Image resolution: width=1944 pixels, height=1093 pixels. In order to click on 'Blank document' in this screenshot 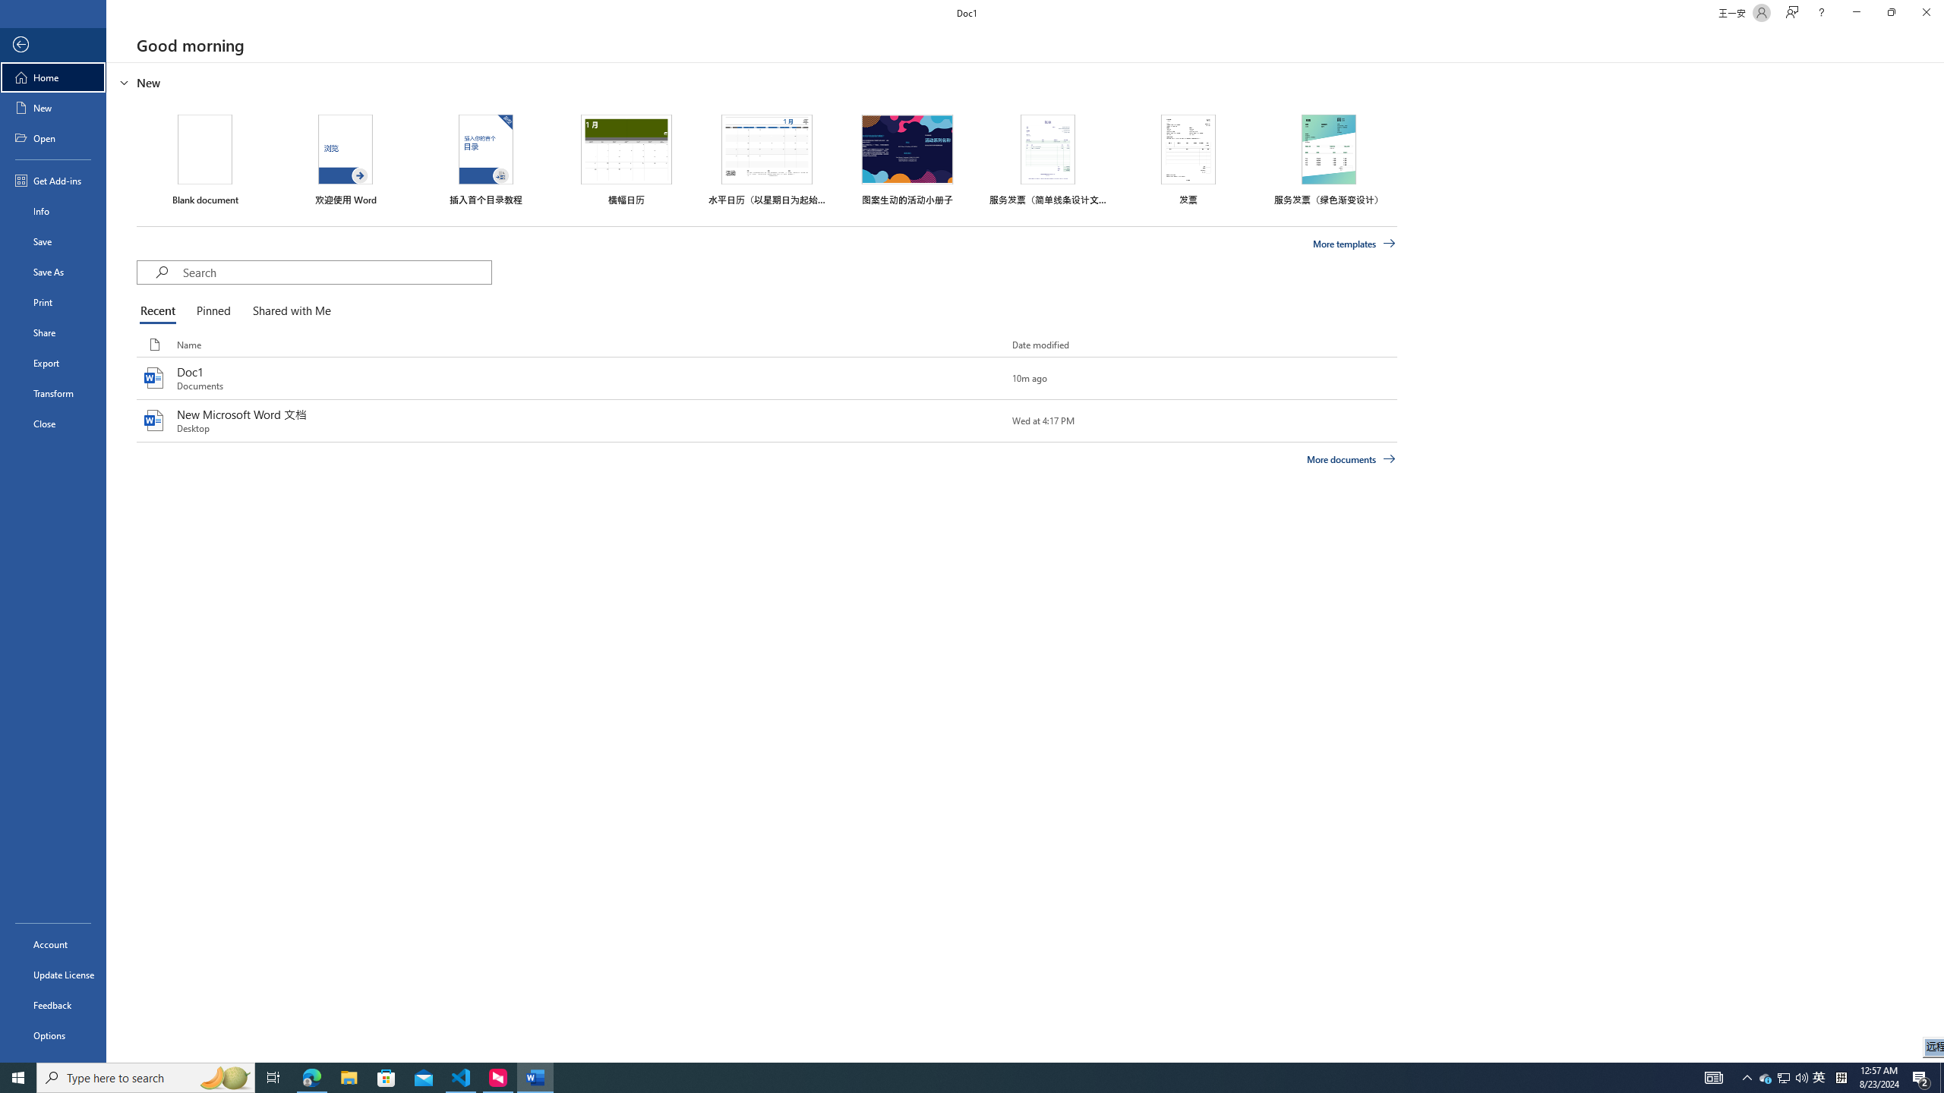, I will do `click(204, 159)`.